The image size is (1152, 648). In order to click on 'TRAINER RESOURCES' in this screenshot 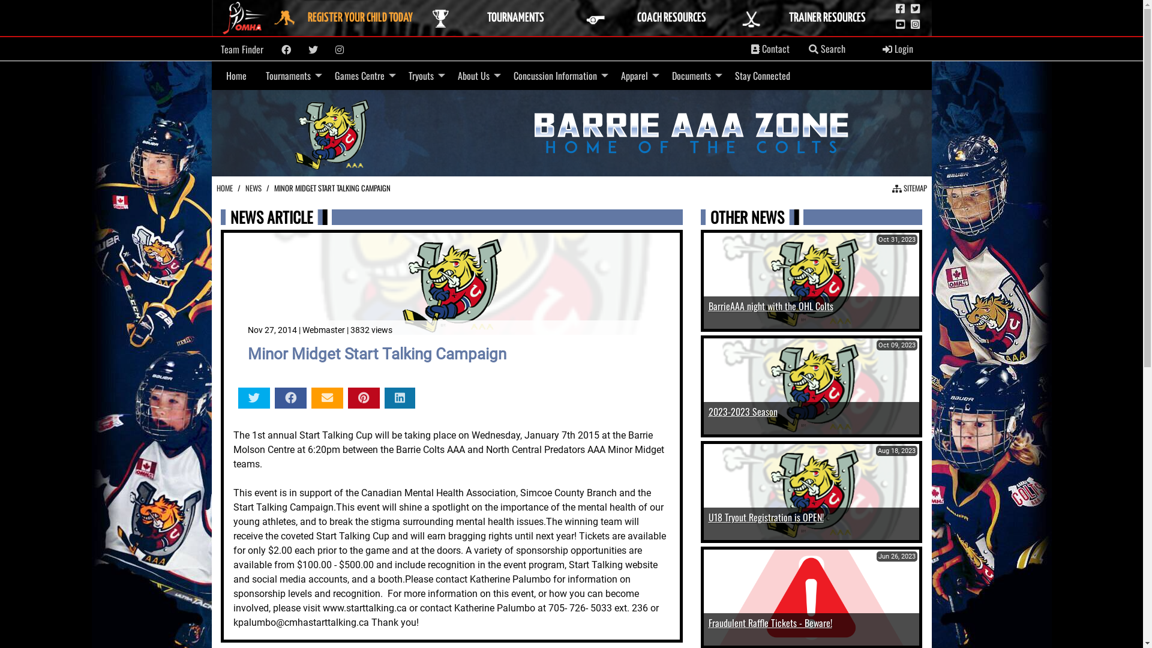, I will do `click(815, 18)`.